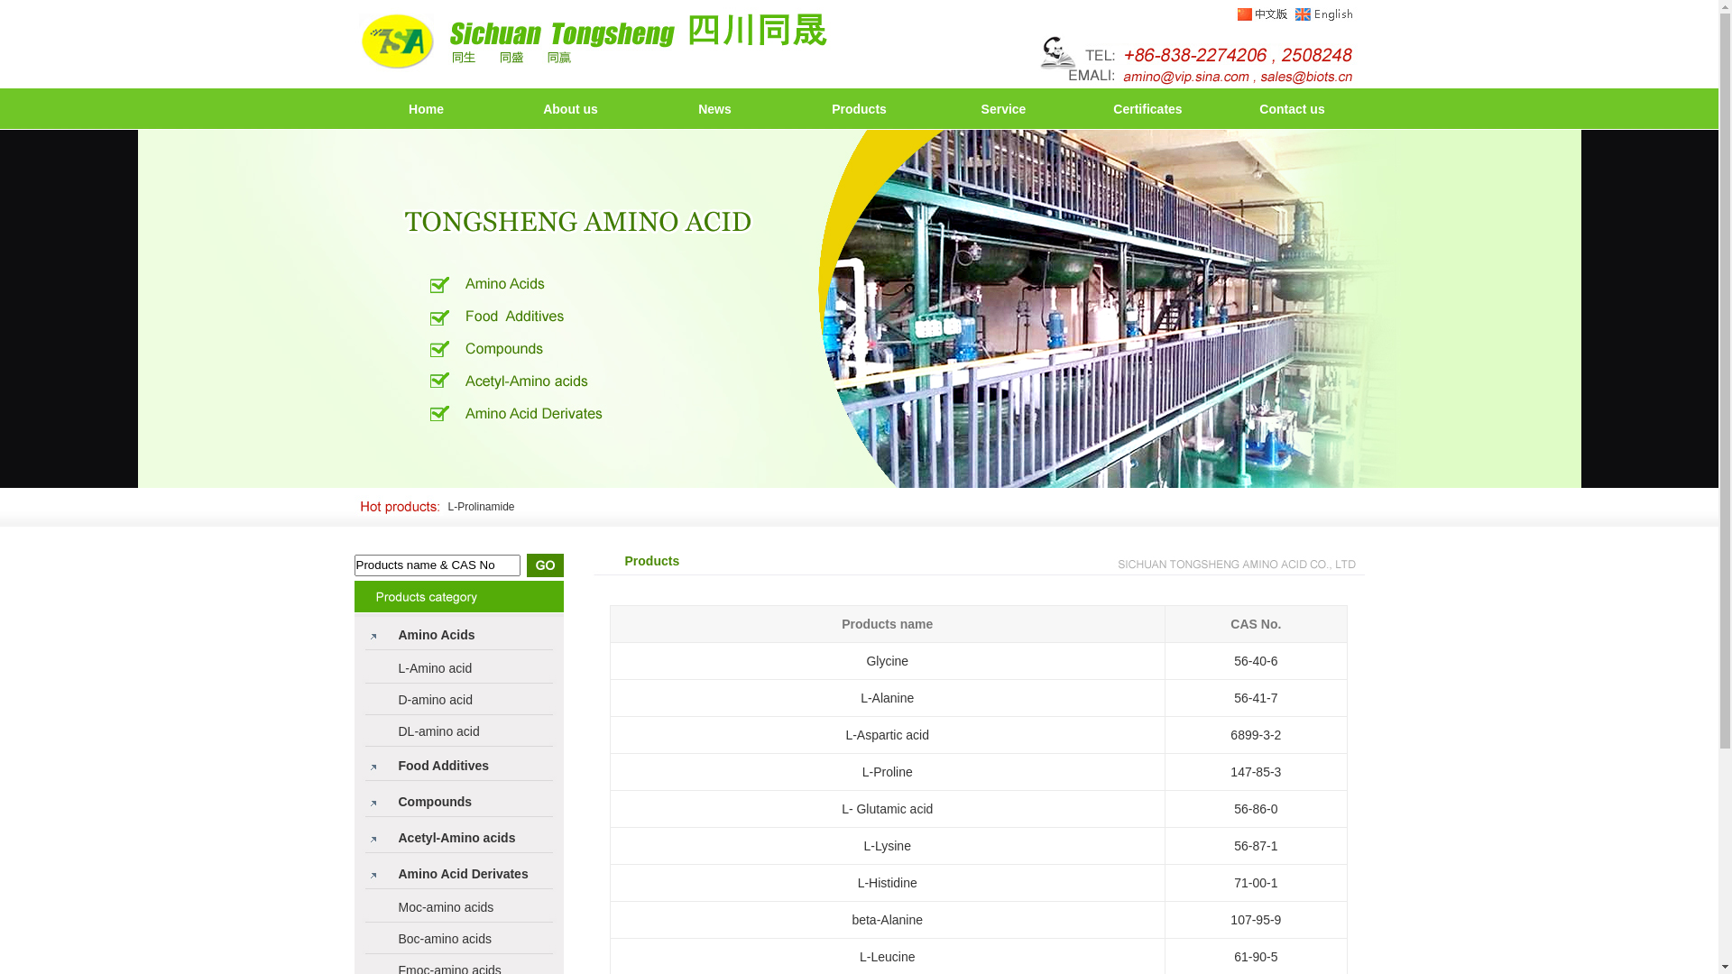 The width and height of the screenshot is (1732, 974). I want to click on 'Acetyl-Amino acids', so click(457, 838).